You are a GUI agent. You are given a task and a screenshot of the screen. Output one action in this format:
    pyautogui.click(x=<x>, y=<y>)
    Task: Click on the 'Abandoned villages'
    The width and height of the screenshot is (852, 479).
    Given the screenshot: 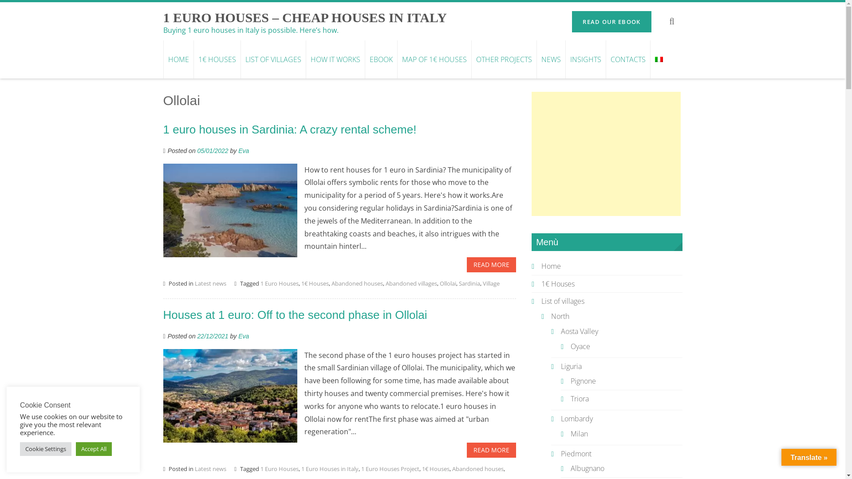 What is the action you would take?
    pyautogui.click(x=410, y=283)
    